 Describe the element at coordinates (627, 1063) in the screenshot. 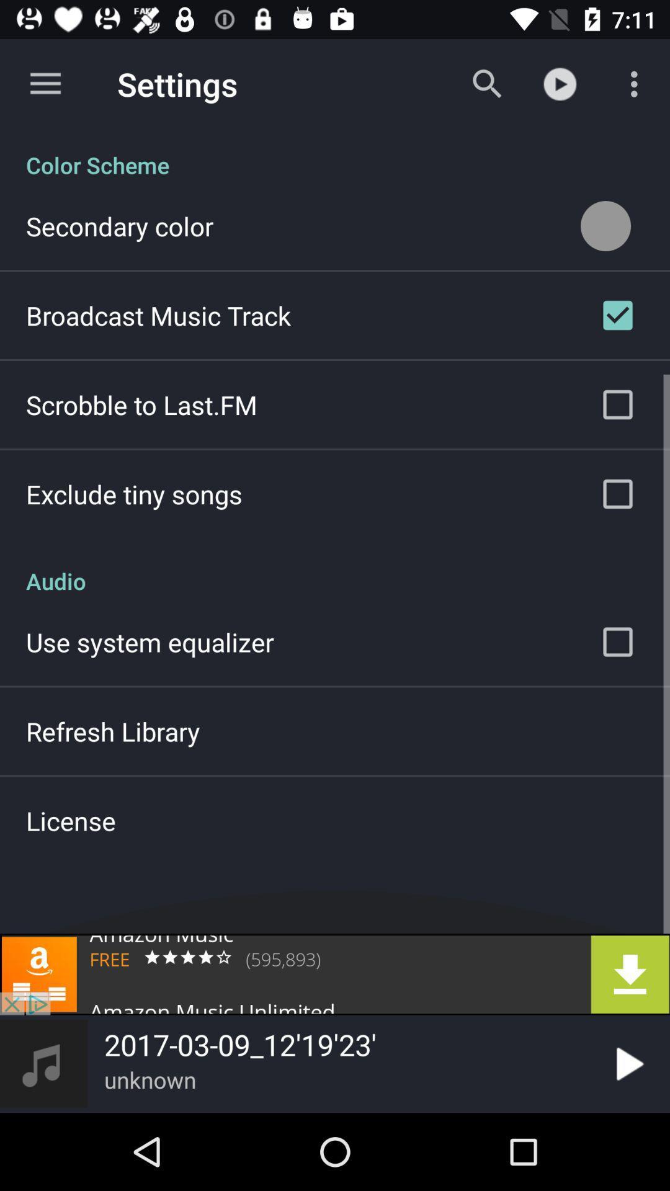

I see `the play icon` at that location.